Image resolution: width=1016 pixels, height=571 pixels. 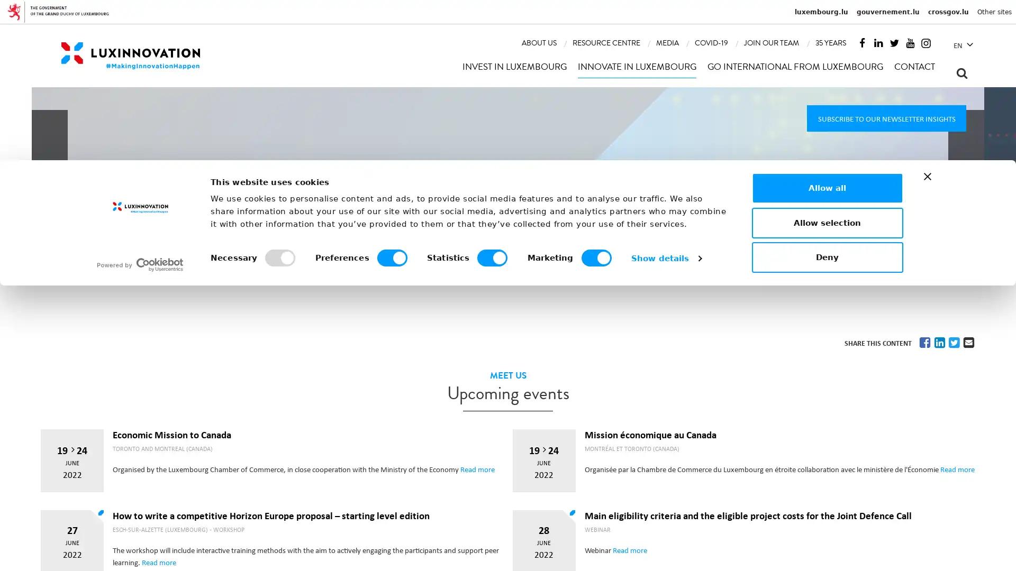 I want to click on Next, so click(x=966, y=173).